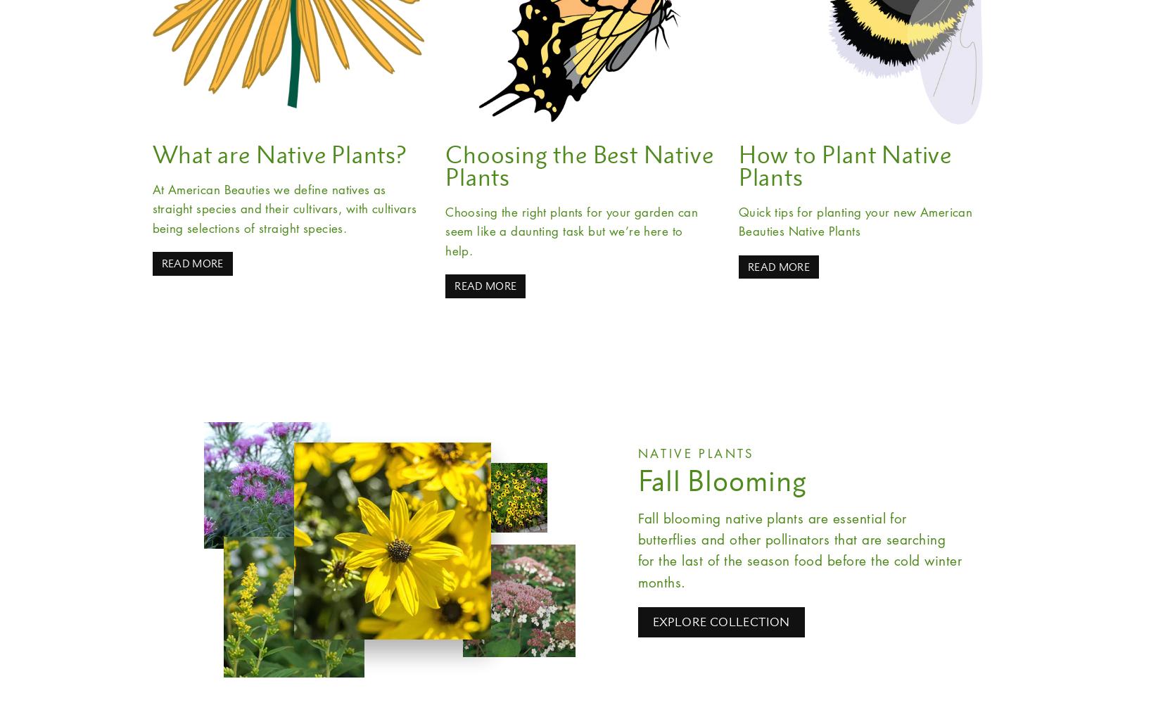  Describe the element at coordinates (855, 221) in the screenshot. I see `'Quick tips for planting your new American Beauties Native Plants'` at that location.